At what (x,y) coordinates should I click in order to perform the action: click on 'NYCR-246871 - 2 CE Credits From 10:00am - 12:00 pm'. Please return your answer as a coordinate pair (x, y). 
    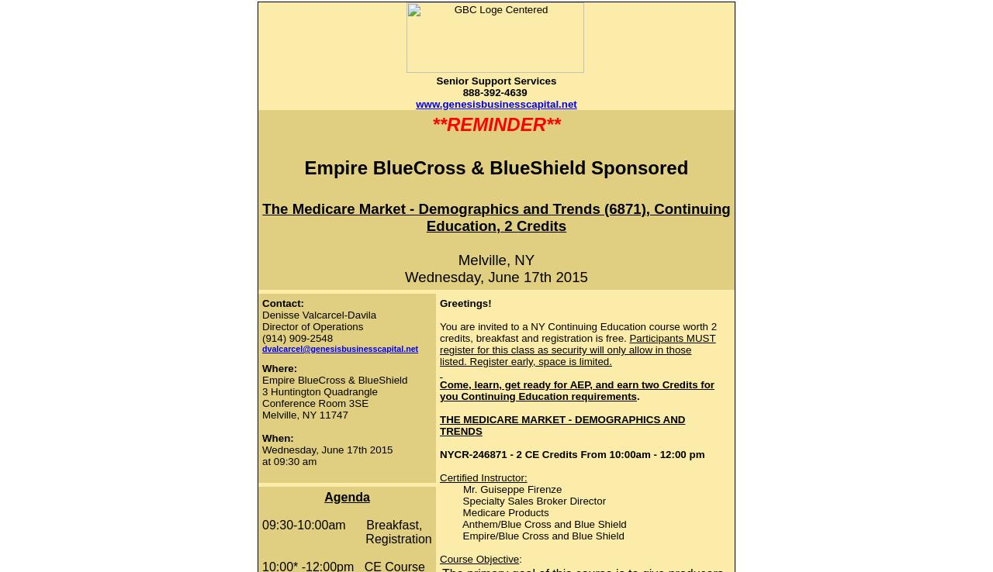
    Looking at the image, I should click on (571, 454).